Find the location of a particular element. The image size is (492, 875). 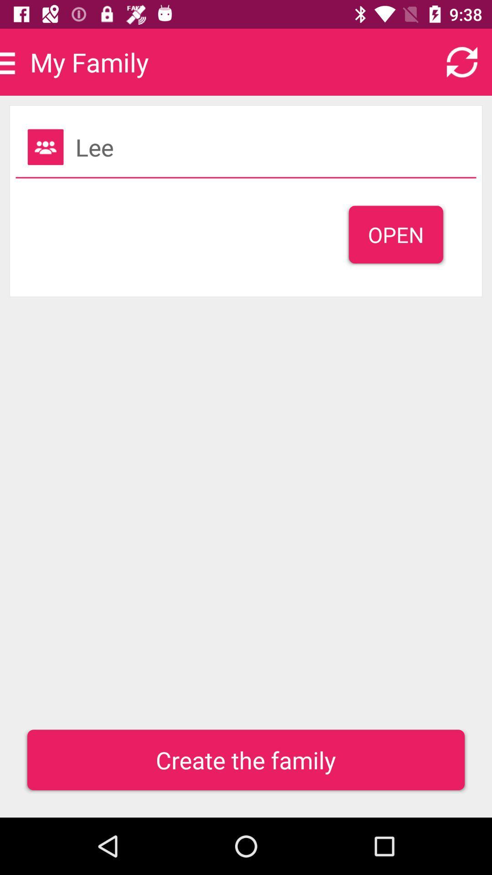

the refresh icon is located at coordinates (462, 62).